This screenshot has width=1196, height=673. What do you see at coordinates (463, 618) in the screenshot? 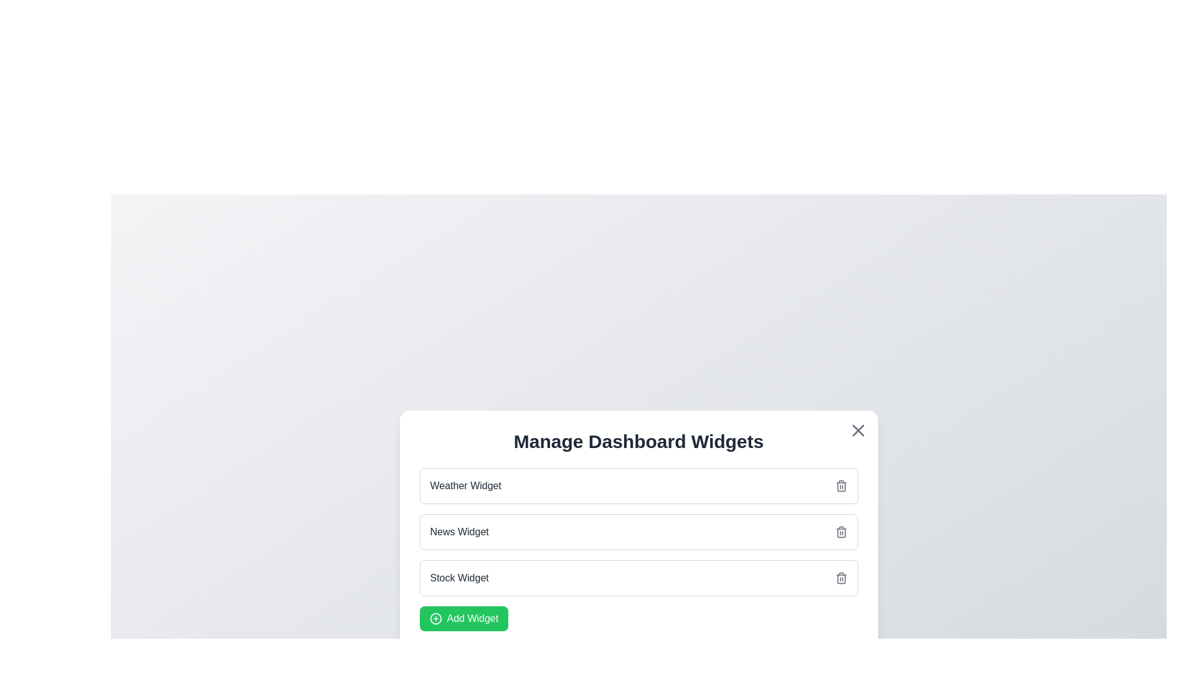
I see `the interactive element Add Widget to observe any tooltip or effect` at bounding box center [463, 618].